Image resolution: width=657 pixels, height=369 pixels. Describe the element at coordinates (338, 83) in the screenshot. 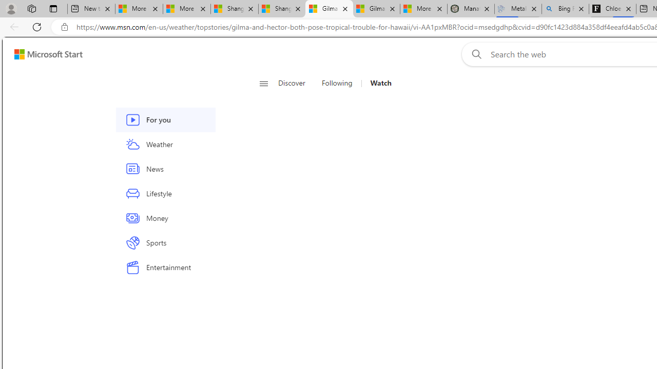

I see `'Following'` at that location.